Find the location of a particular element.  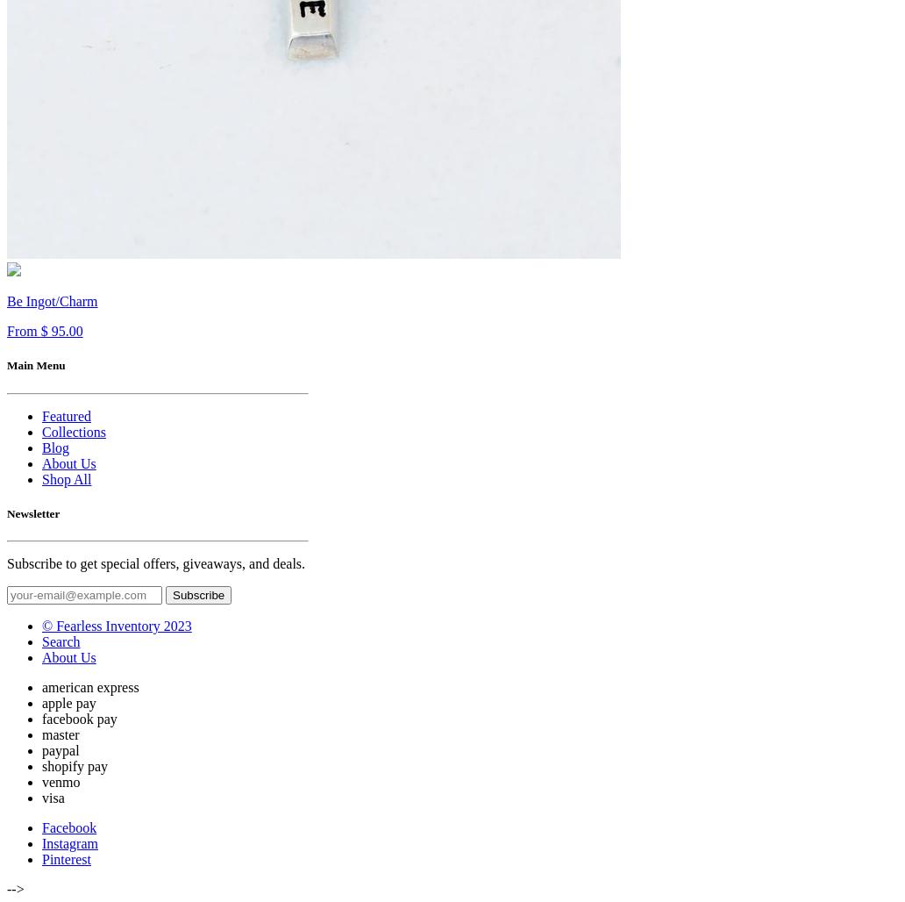

'-->' is located at coordinates (7, 887).